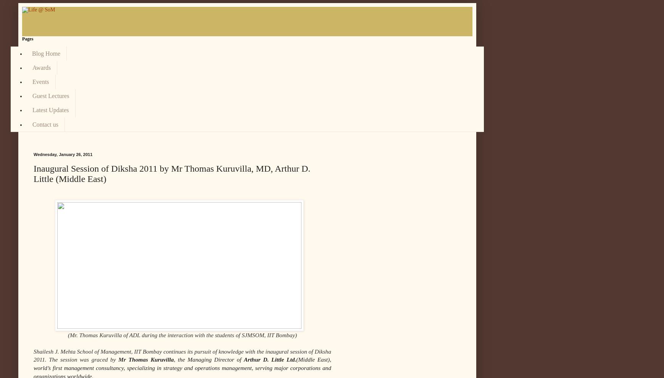 The image size is (664, 378). Describe the element at coordinates (151, 359) in the screenshot. I see `'Thomas Kuruvilla'` at that location.